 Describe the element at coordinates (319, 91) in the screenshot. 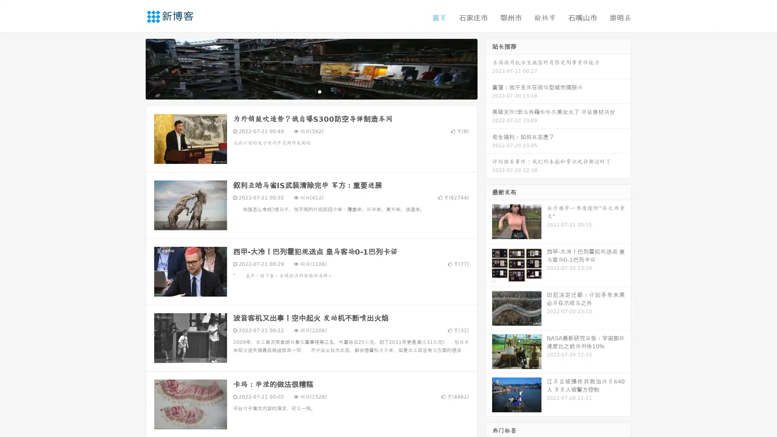

I see `Go to slide 3` at that location.